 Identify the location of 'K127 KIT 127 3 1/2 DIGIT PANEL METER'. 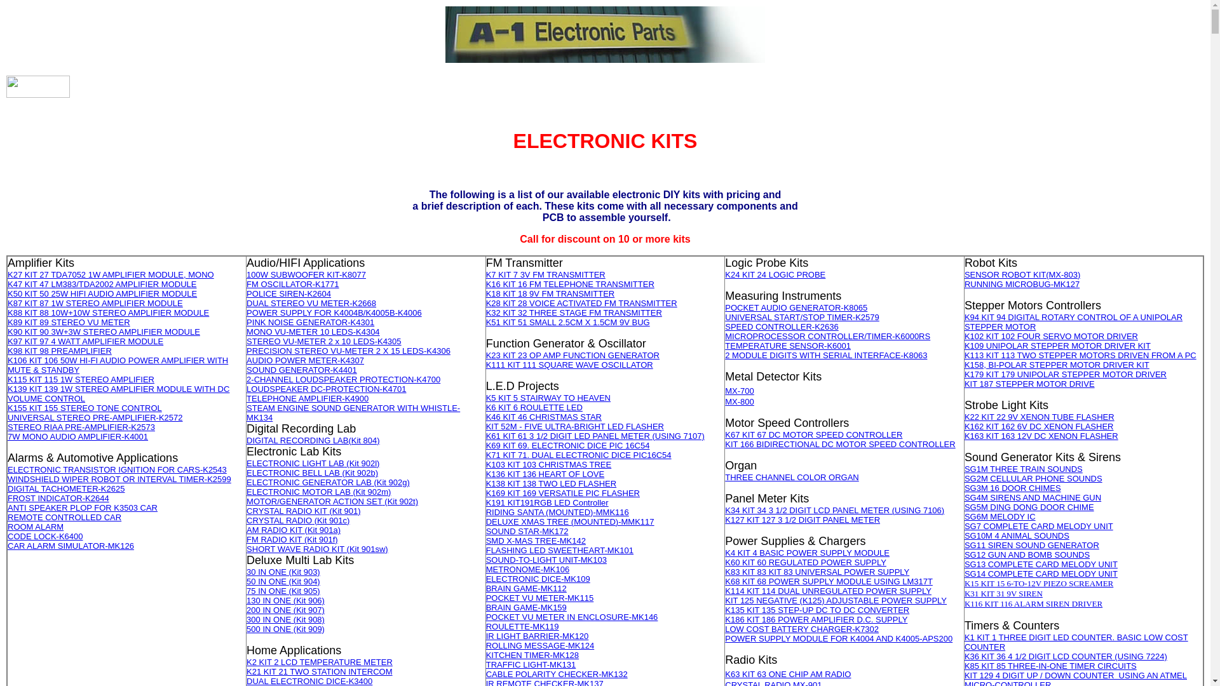
(725, 520).